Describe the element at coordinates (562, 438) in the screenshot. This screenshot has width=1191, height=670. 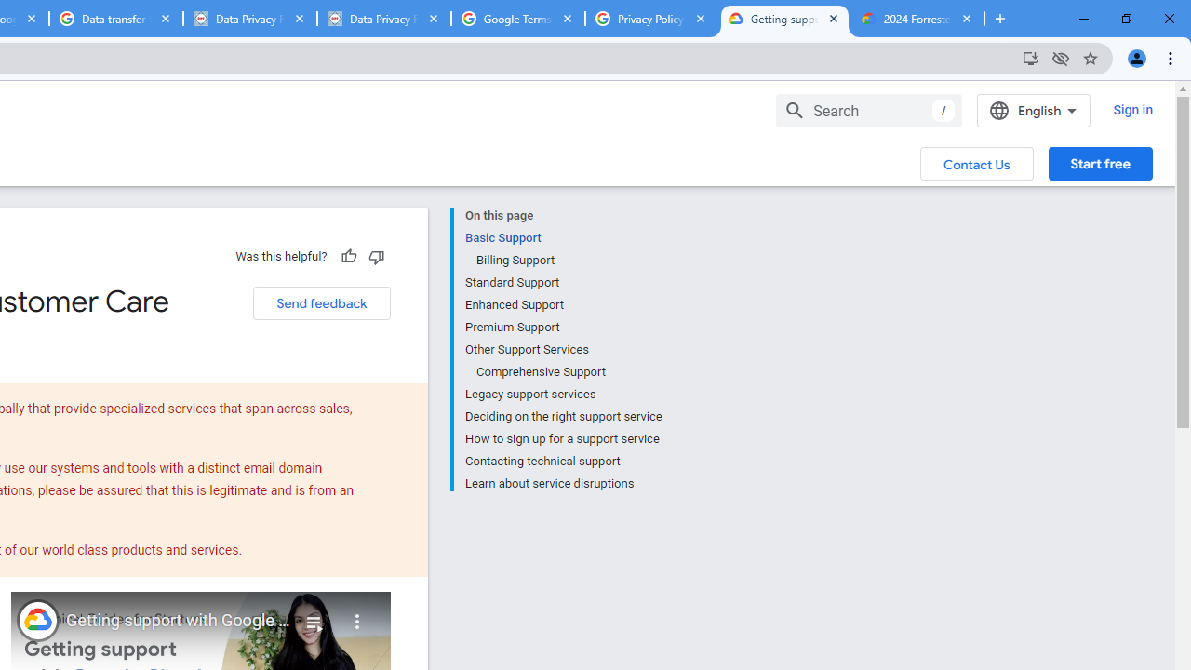
I see `'How to sign up for a support service'` at that location.